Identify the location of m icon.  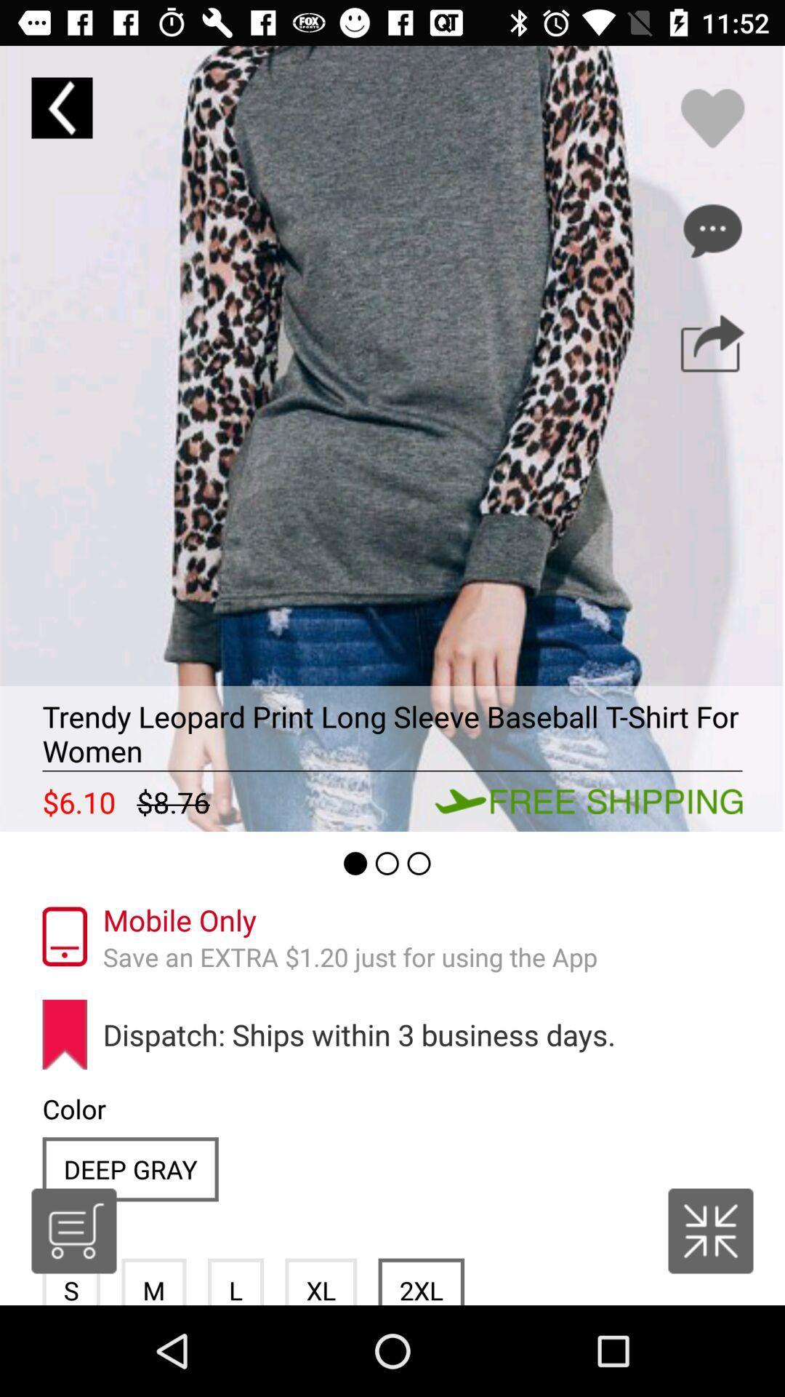
(153, 1281).